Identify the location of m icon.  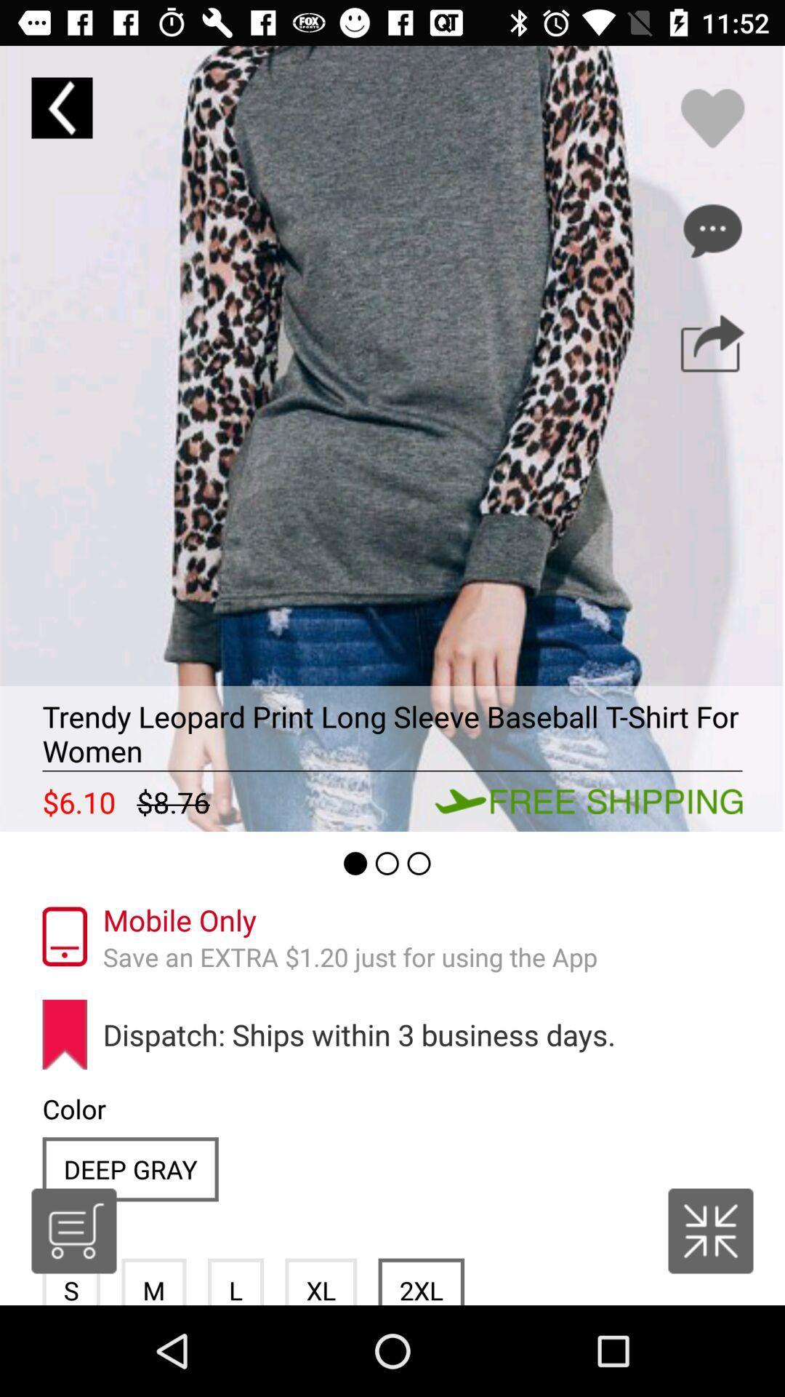
(153, 1281).